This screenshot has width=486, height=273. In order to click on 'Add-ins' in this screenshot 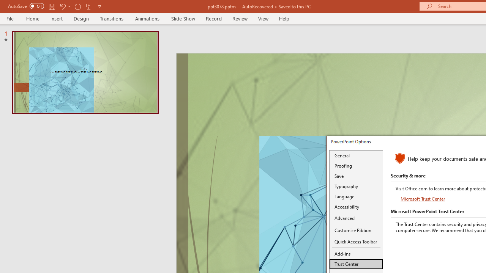, I will do `click(356, 254)`.